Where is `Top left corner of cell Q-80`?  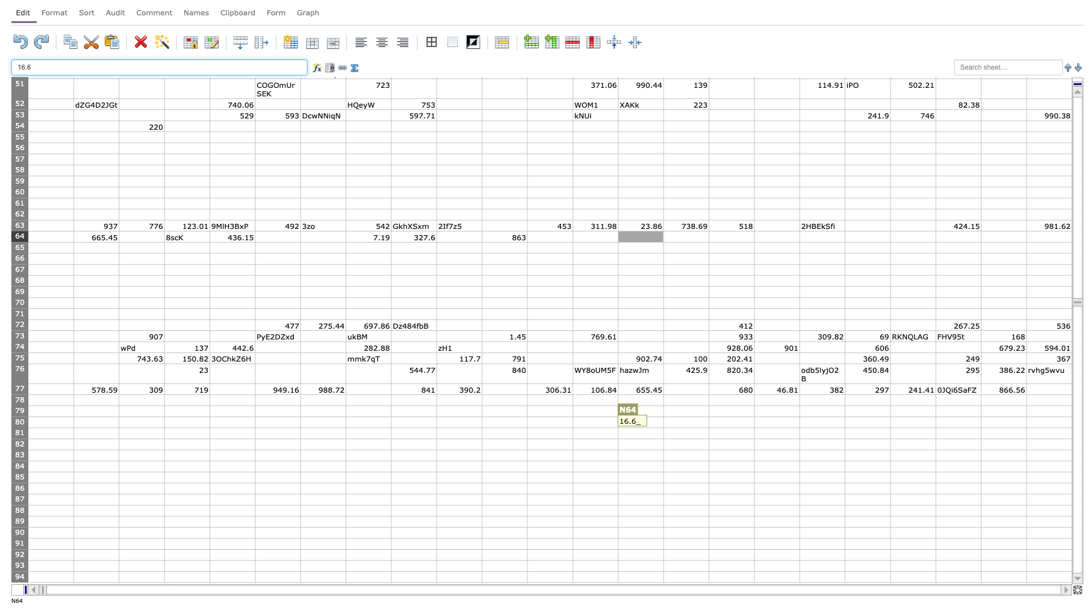
Top left corner of cell Q-80 is located at coordinates (754, 416).